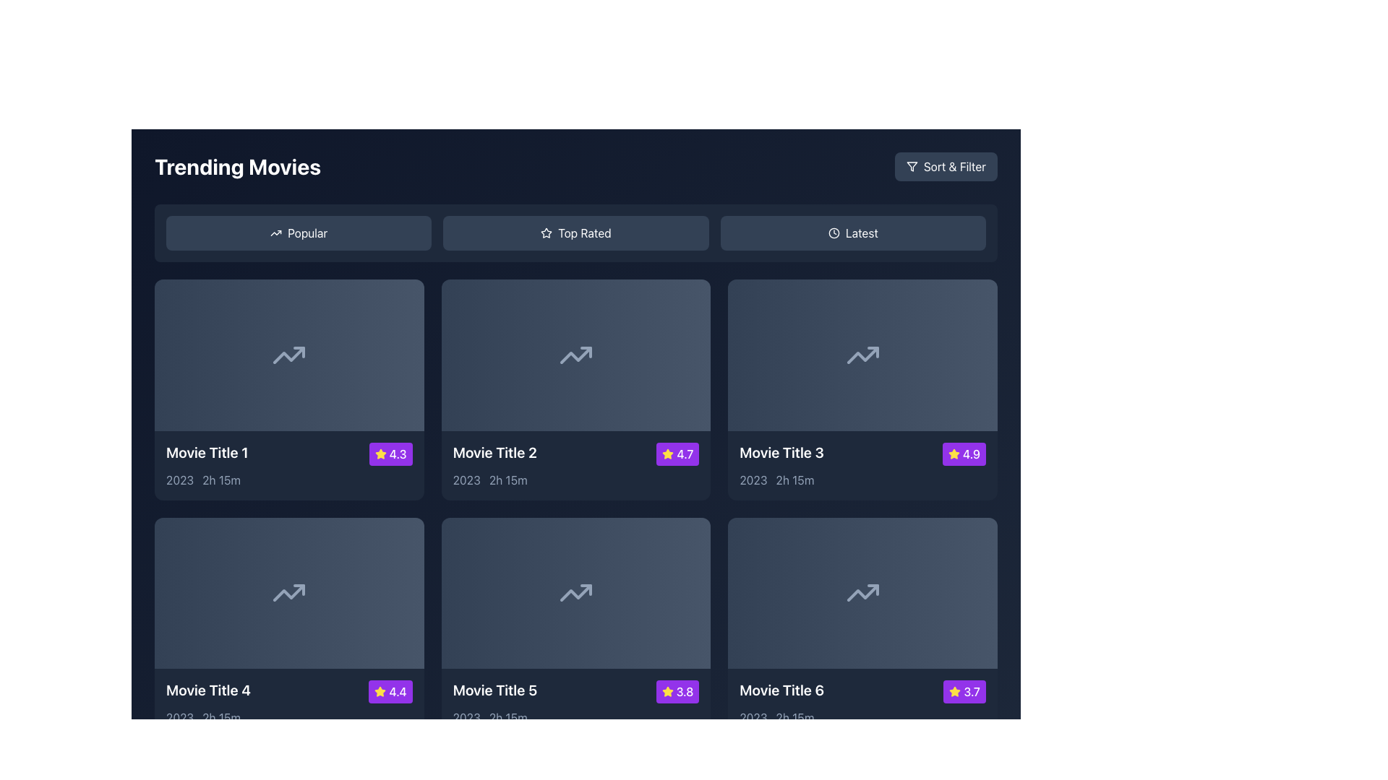 The height and width of the screenshot is (780, 1388). Describe the element at coordinates (862, 465) in the screenshot. I see `the content block displaying 'Movie Title 3', which includes the title, year, duration, and rating in a visually distinct format` at that location.